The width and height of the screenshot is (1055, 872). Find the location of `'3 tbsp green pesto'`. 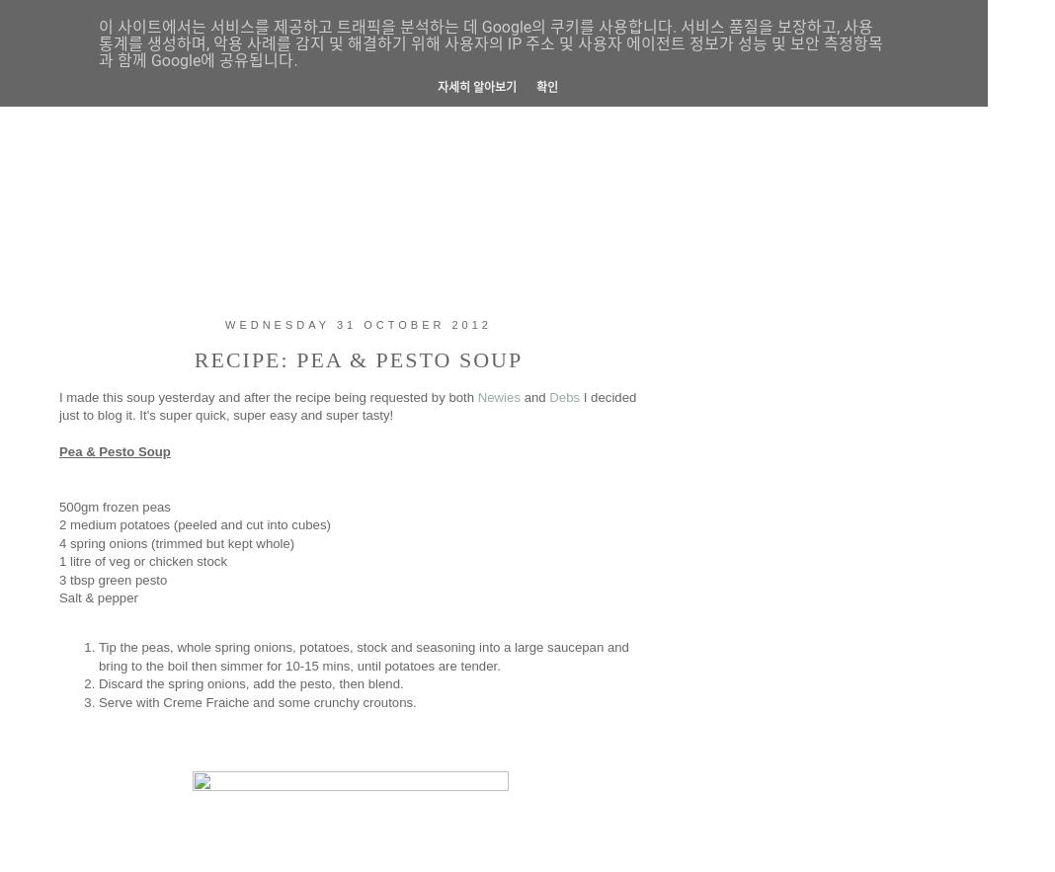

'3 tbsp green pesto' is located at coordinates (112, 578).